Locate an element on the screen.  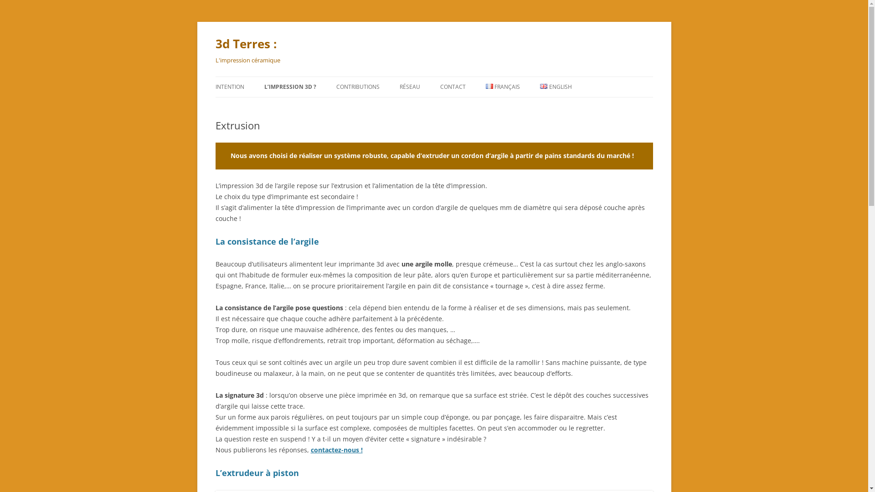
'3d Terres :' is located at coordinates (245, 44).